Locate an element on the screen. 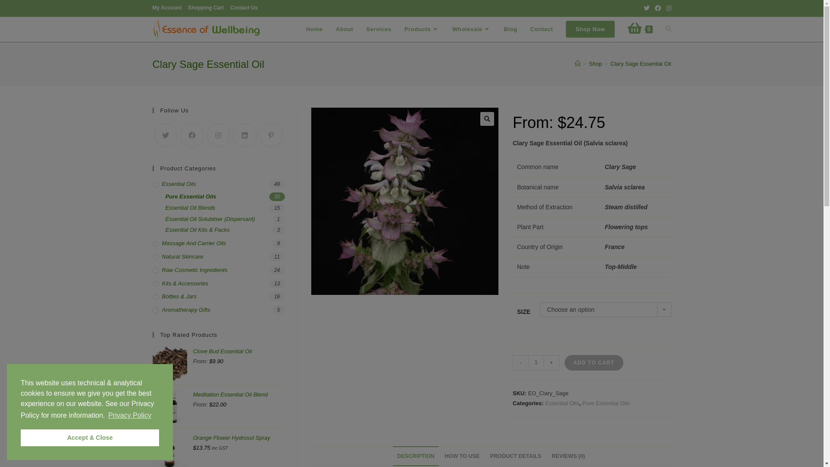  'Shop Now' is located at coordinates (559, 29).